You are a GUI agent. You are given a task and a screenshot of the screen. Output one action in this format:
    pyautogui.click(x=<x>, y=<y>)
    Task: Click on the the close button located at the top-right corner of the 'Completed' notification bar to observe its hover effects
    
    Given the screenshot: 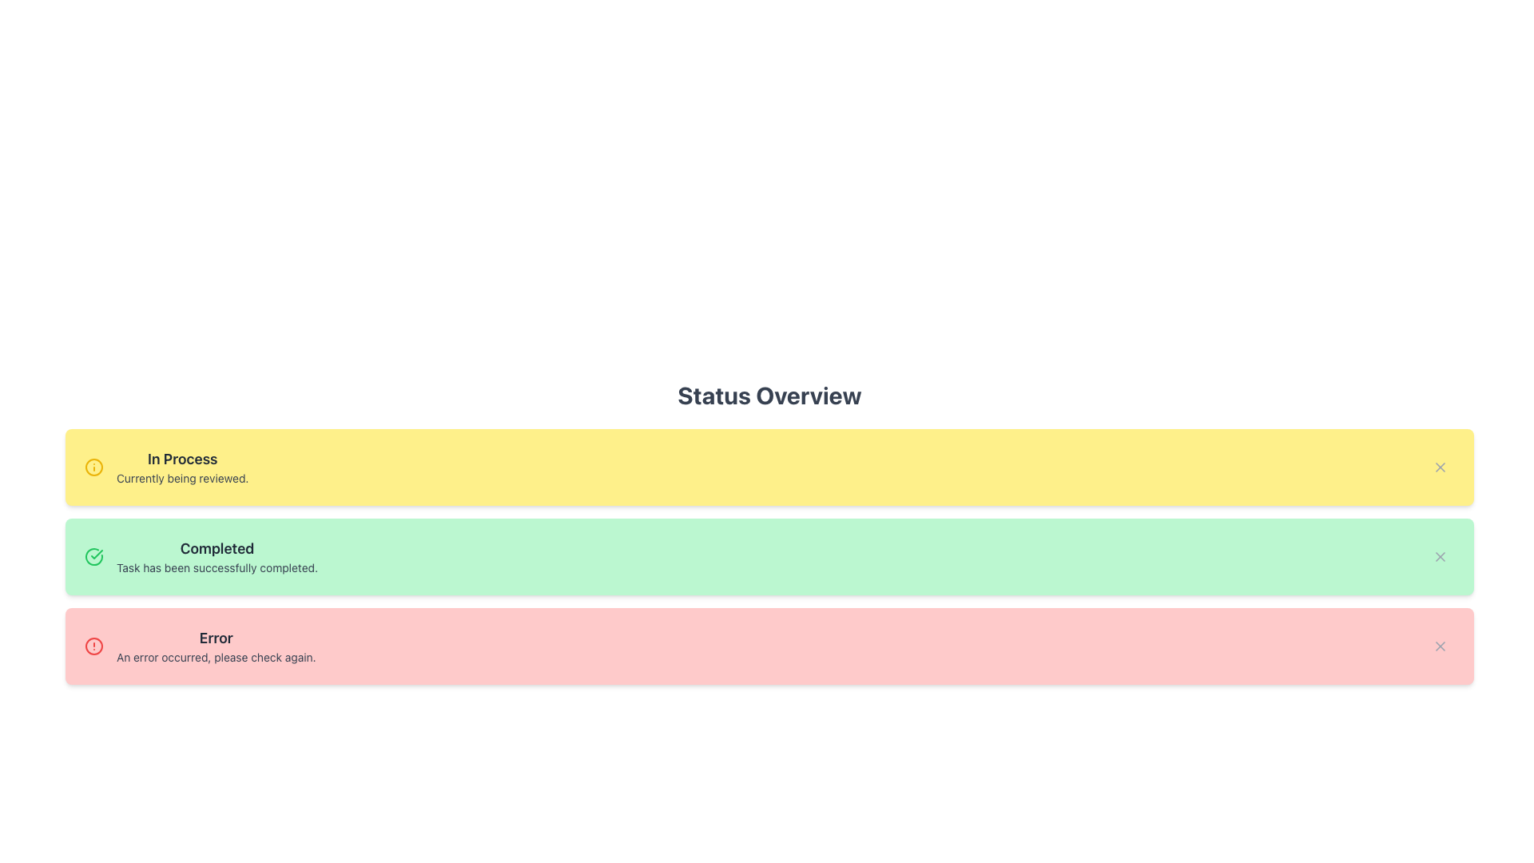 What is the action you would take?
    pyautogui.click(x=1441, y=556)
    